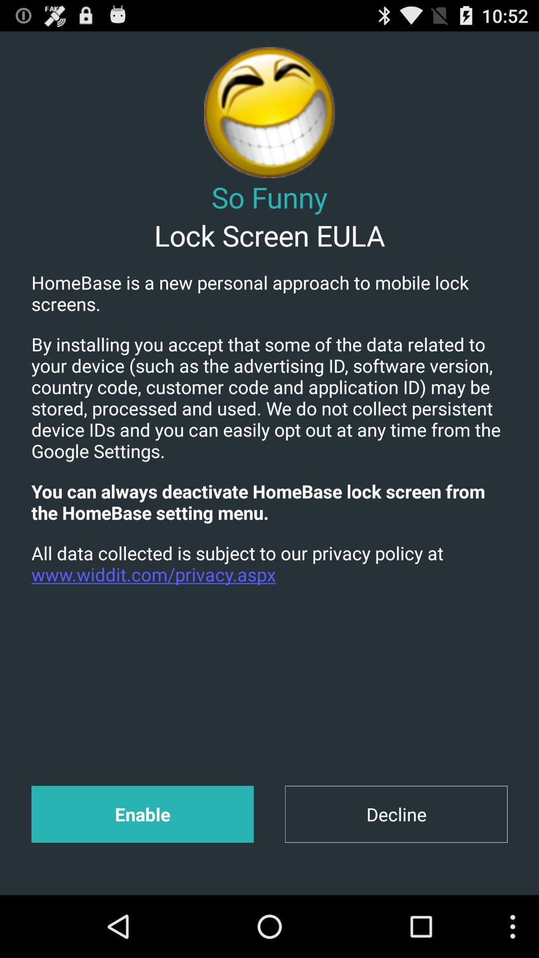  I want to click on item above all data collected app, so click(269, 502).